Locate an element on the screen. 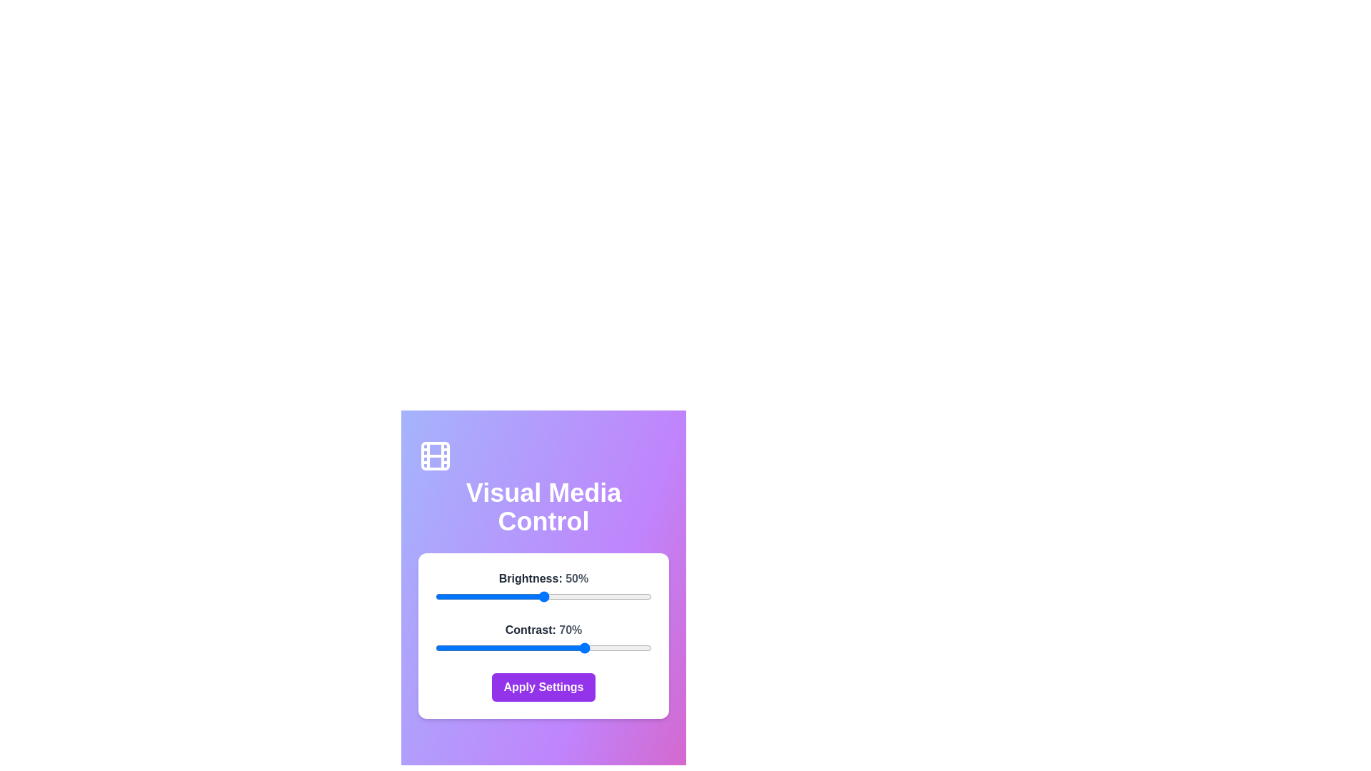 This screenshot has height=771, width=1371. the contrast slider to 57% is located at coordinates (558, 647).